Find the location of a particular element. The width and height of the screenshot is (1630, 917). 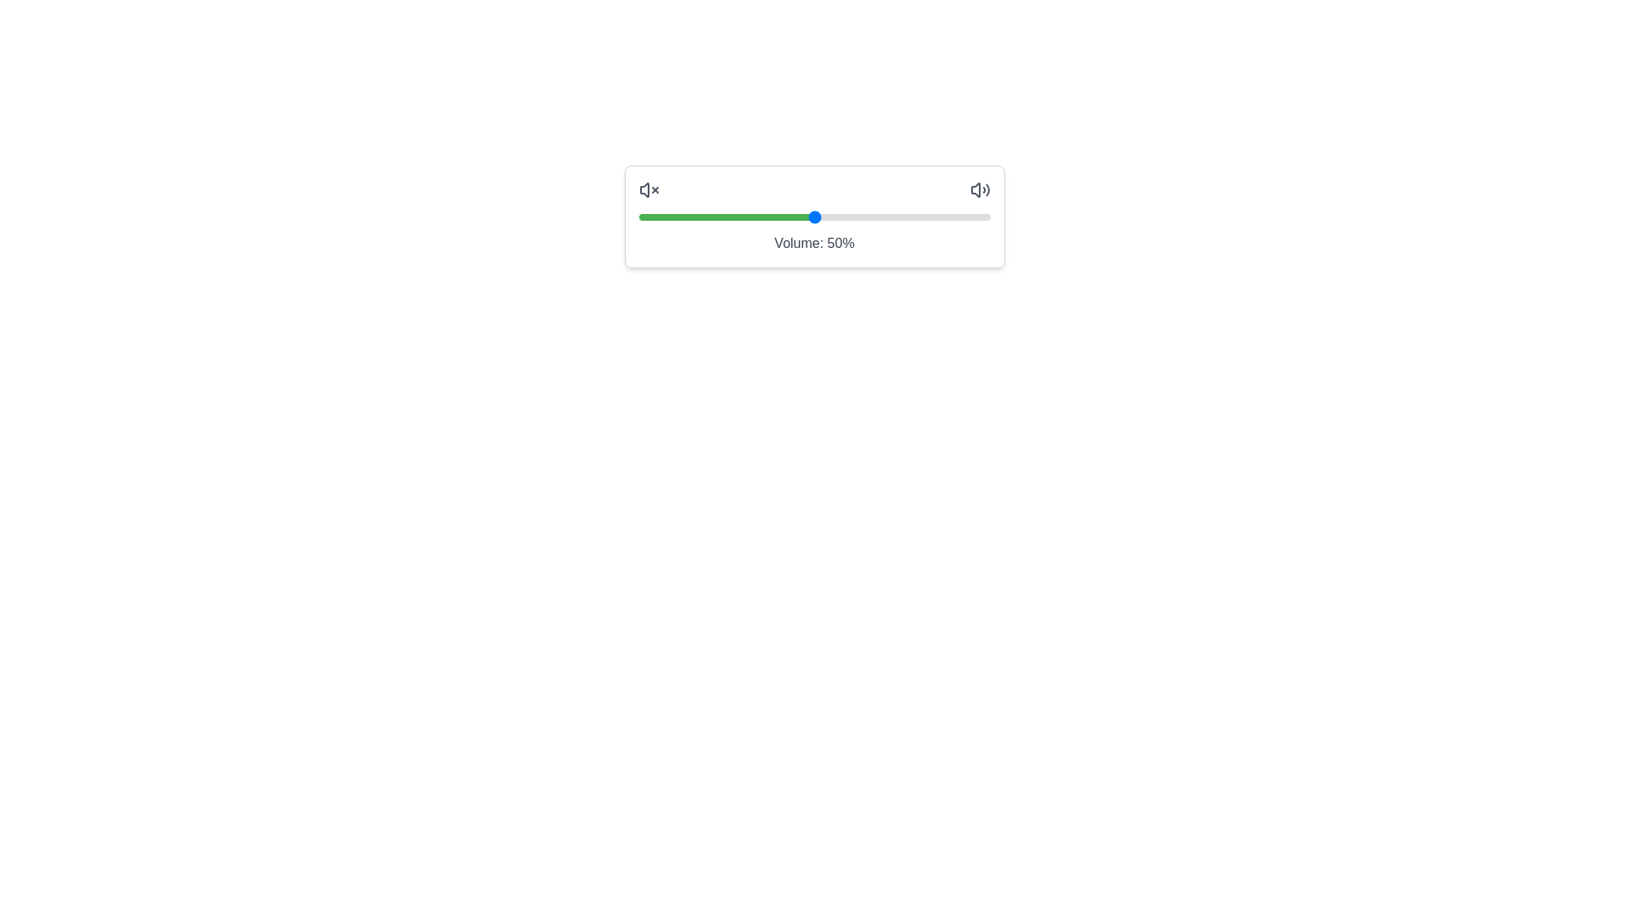

the volume level is located at coordinates (933, 216).